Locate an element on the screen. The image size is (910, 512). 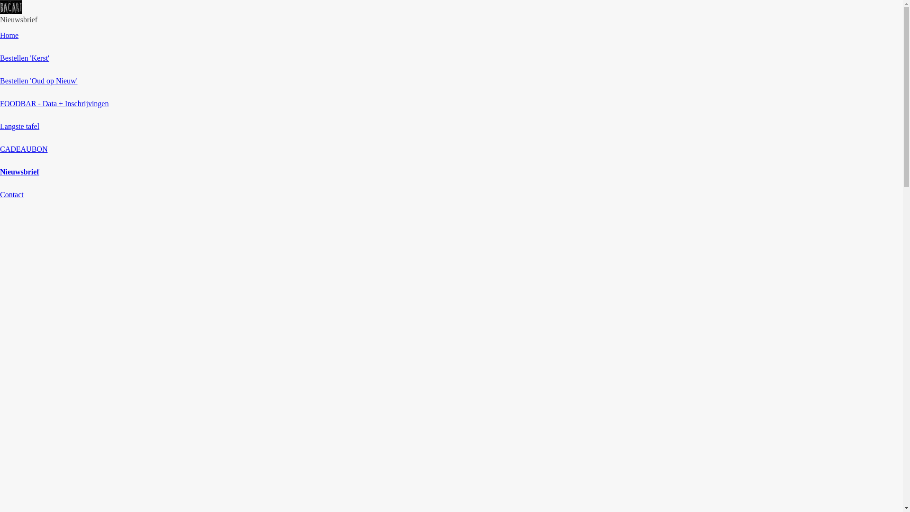
'Nieuwsbrief' is located at coordinates (19, 172).